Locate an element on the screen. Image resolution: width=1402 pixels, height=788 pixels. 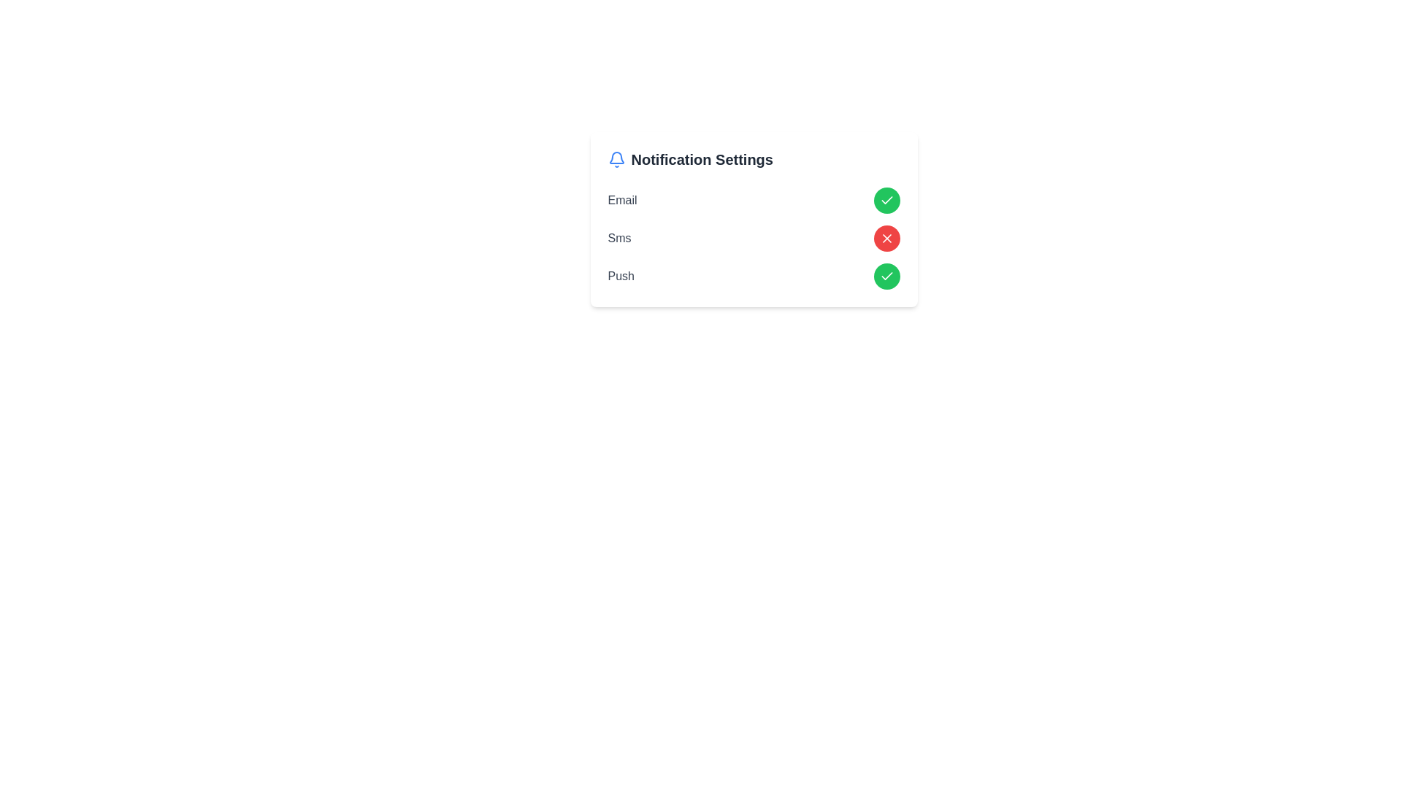
the white 'X' icon within the red circular button in the notification settings interface is located at coordinates (886, 238).